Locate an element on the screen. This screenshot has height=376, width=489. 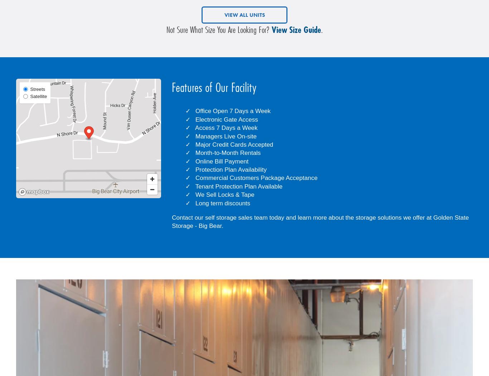
'View All Units' is located at coordinates (244, 14).